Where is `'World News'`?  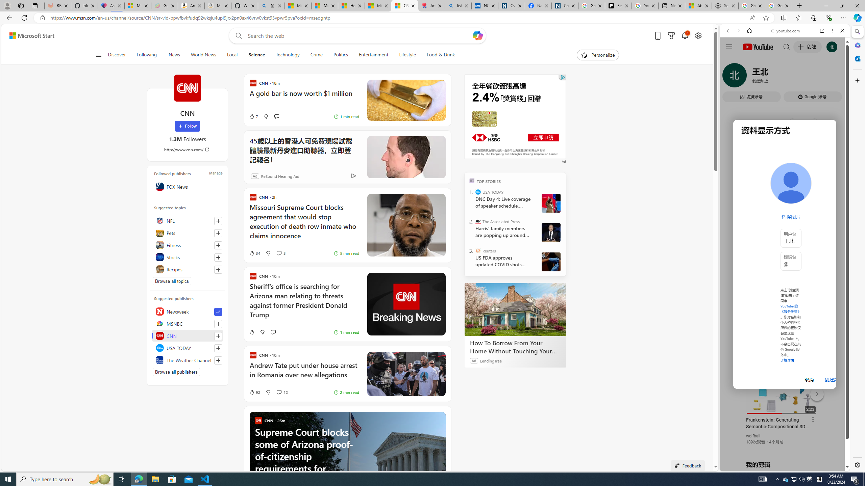 'World News' is located at coordinates (203, 55).